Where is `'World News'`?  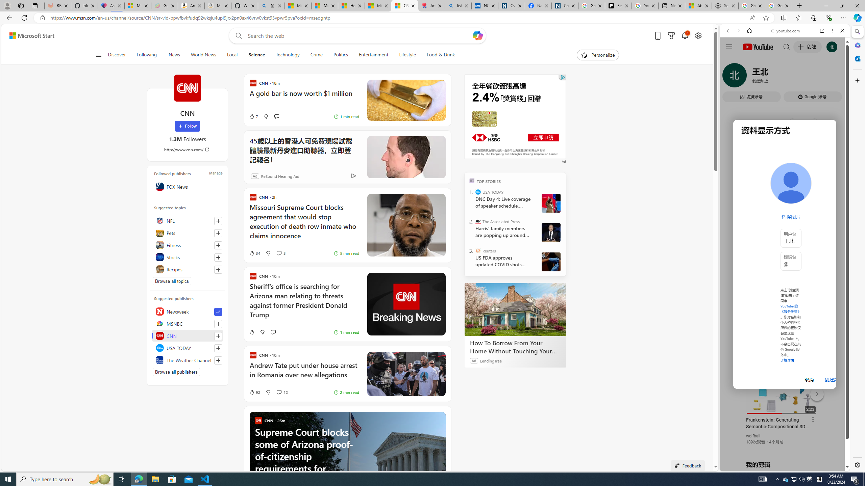 'World News' is located at coordinates (203, 55).